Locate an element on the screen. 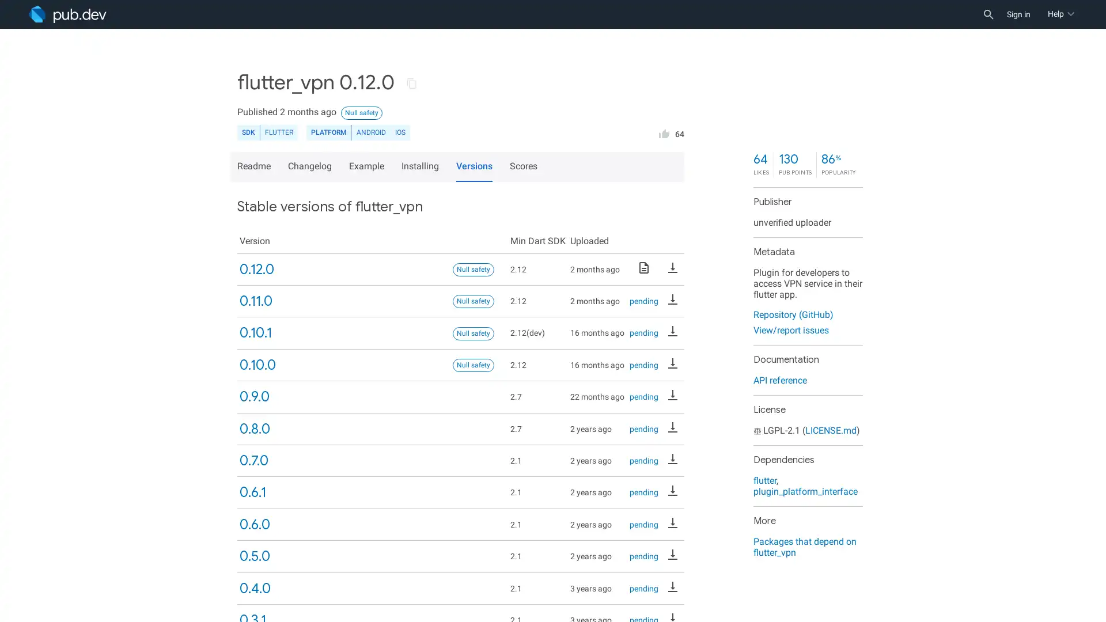 The width and height of the screenshot is (1106, 622). Scores is located at coordinates (525, 166).